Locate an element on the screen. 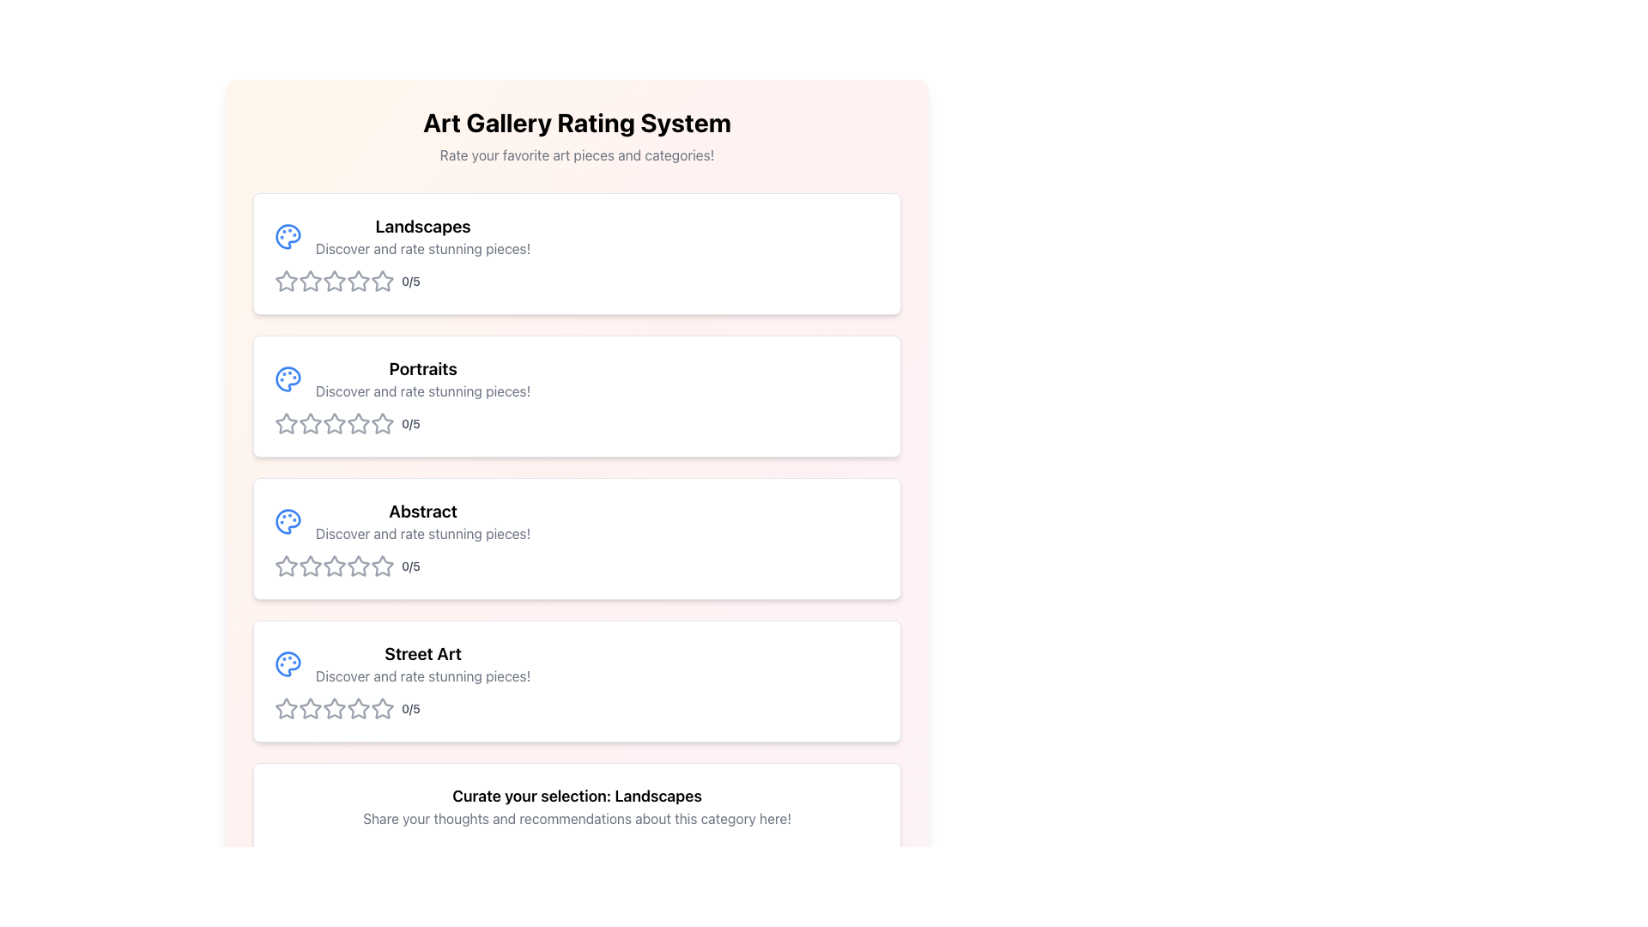 This screenshot has height=927, width=1648. the text label that invites users is located at coordinates (423, 391).